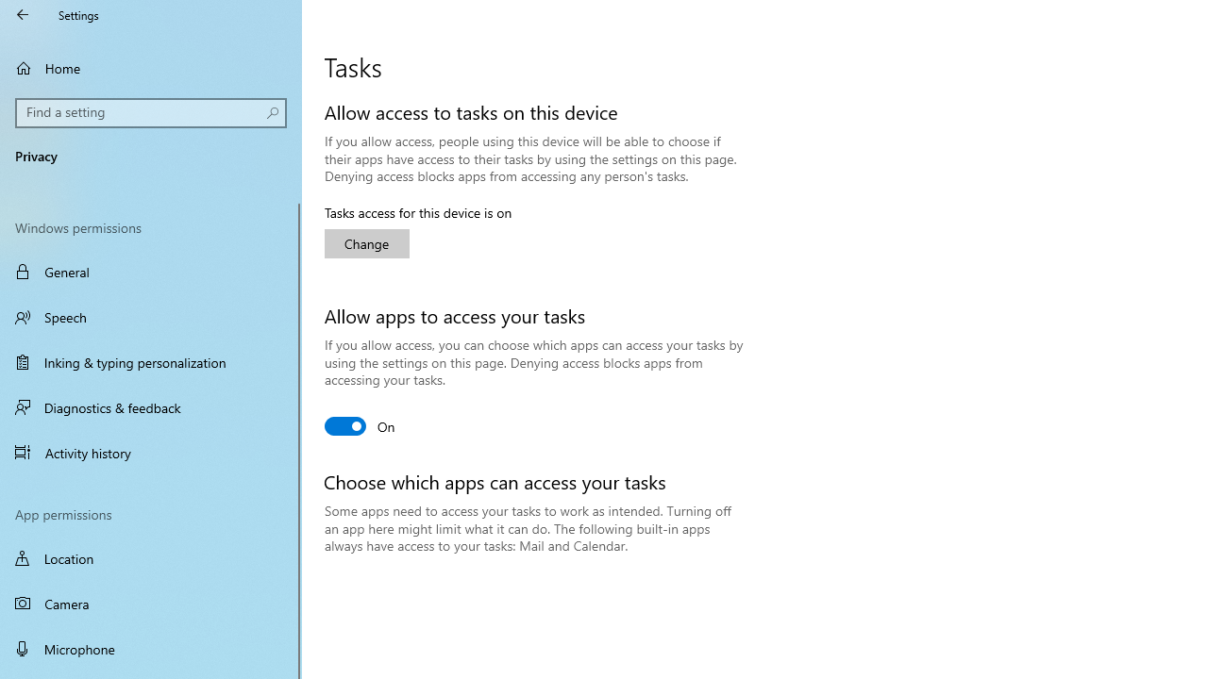 The height and width of the screenshot is (679, 1208). Describe the element at coordinates (151, 557) in the screenshot. I see `'Location'` at that location.